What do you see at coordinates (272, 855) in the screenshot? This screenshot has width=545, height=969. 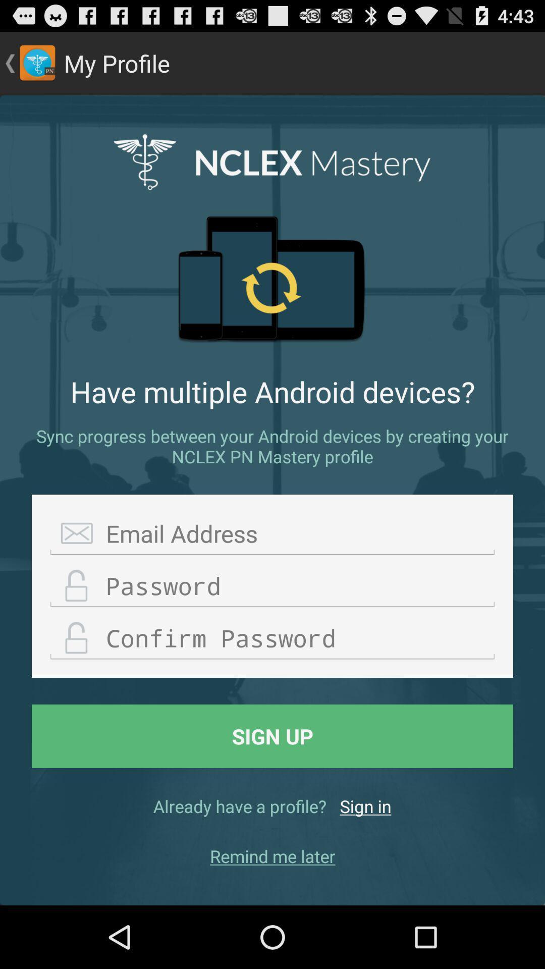 I see `the remind me later icon` at bounding box center [272, 855].